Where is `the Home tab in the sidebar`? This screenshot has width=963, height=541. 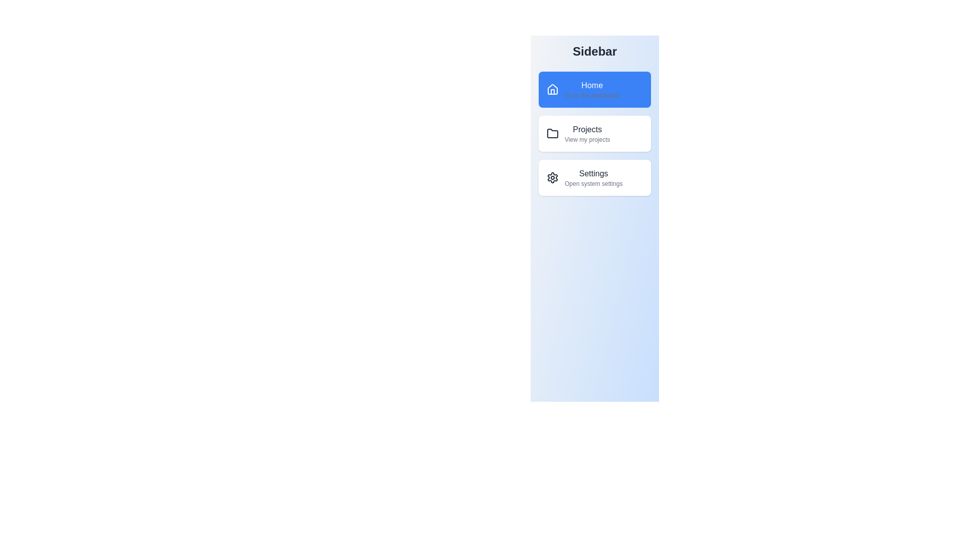 the Home tab in the sidebar is located at coordinates (594, 89).